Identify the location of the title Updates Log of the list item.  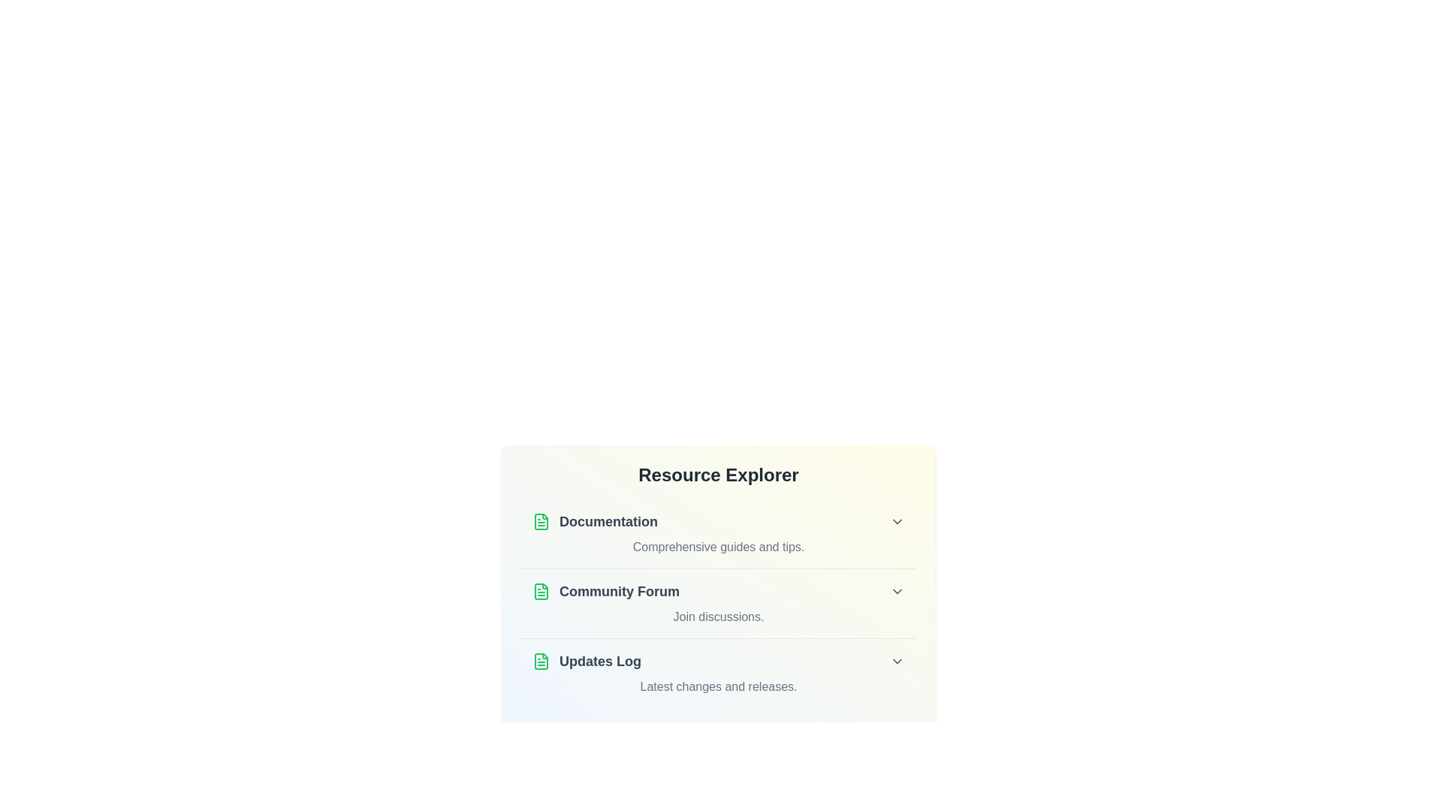
(717, 660).